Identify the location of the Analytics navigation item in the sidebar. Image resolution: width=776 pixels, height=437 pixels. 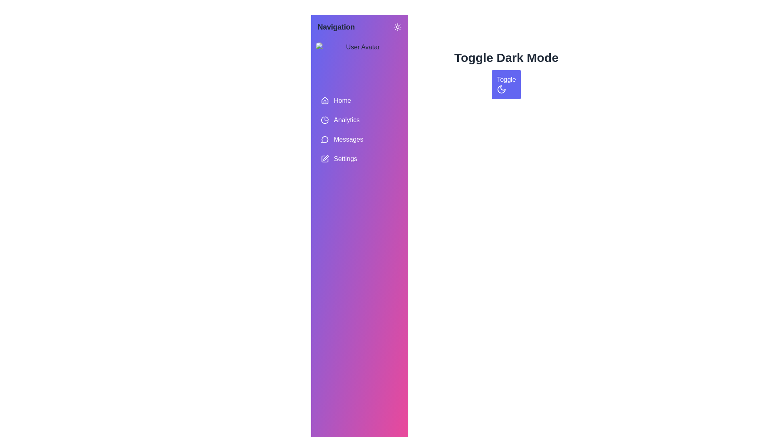
(359, 120).